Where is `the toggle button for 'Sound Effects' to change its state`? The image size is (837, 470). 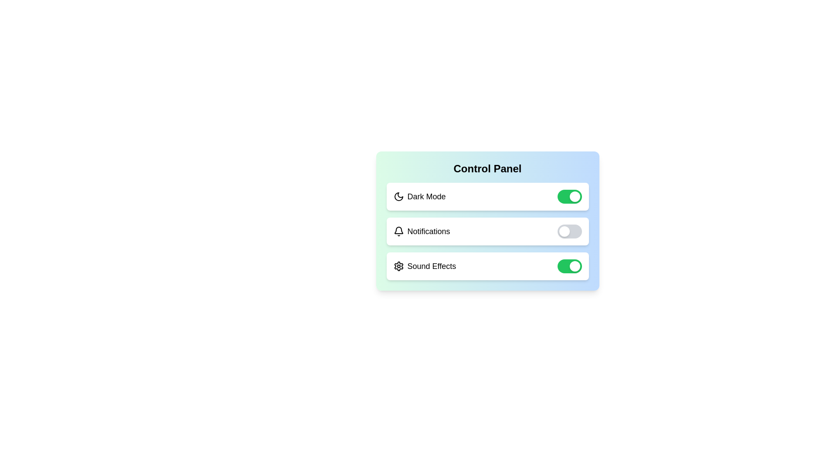 the toggle button for 'Sound Effects' to change its state is located at coordinates (569, 266).